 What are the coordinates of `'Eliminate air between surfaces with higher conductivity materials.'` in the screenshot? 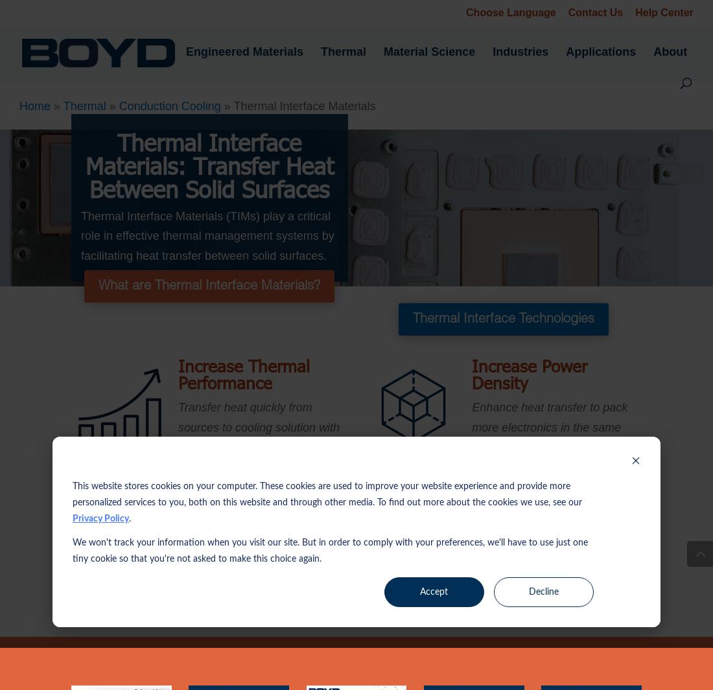 It's located at (257, 535).